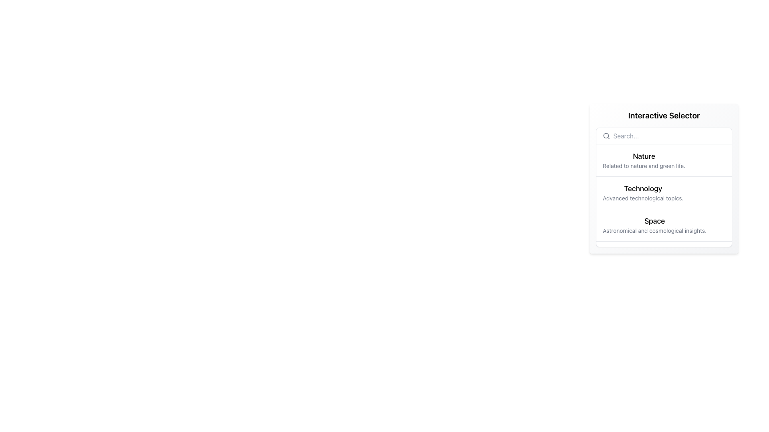 The height and width of the screenshot is (432, 769). I want to click on the 'Technology' selectable list item, which is the second option in the list located below the search input field, so click(664, 187).